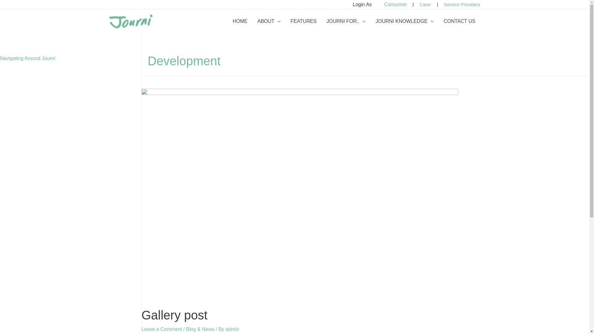  I want to click on 'FEATURES', so click(303, 21).